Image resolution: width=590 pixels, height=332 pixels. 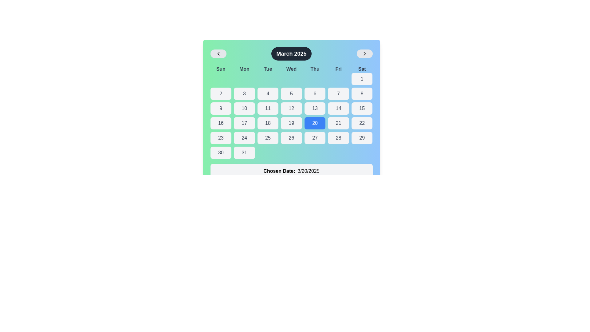 What do you see at coordinates (291, 93) in the screenshot?
I see `the button labeled '5' with a light gray background located under 'Wed.' in the first week of the calendar` at bounding box center [291, 93].